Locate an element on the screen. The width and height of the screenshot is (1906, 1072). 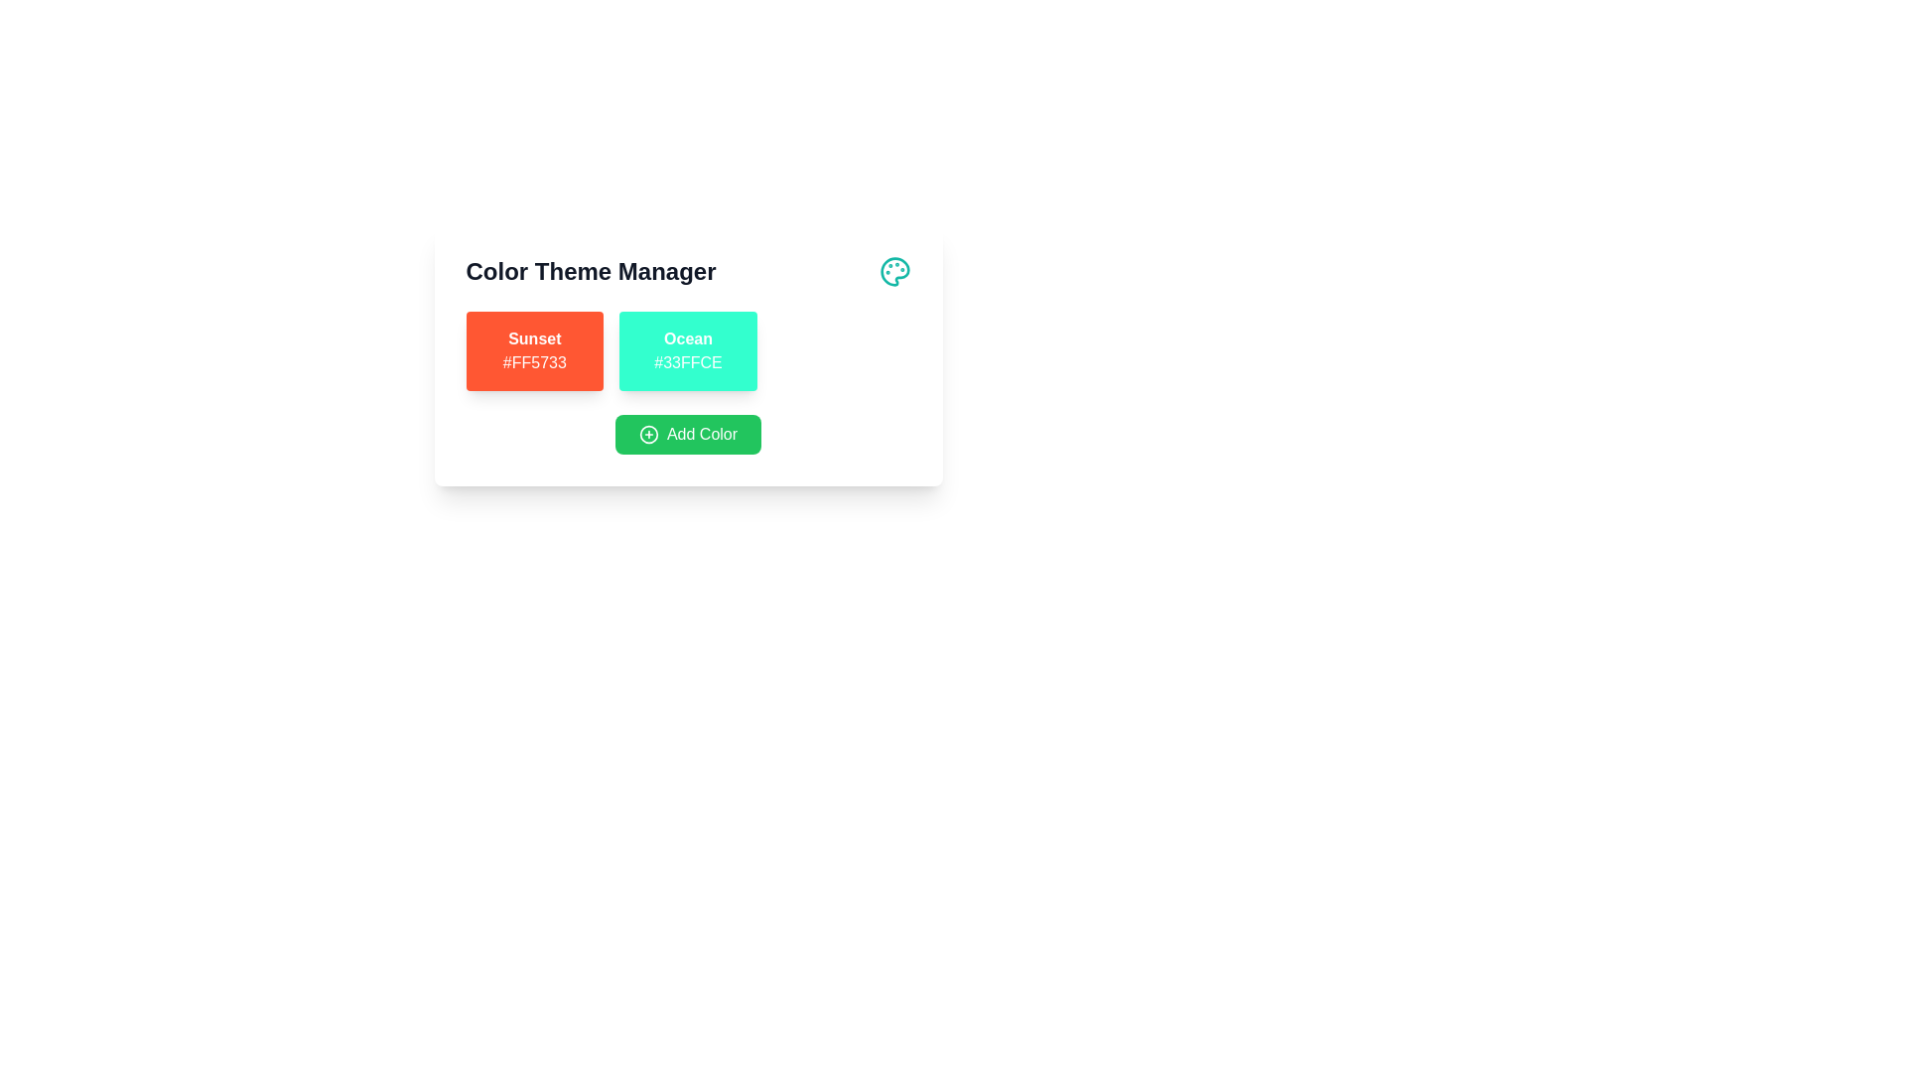
the button located below the colored blocks labeled 'Sunset' and 'Ocean' to initiate the color addition process in the 'Color Theme Manager' is located at coordinates (688, 434).